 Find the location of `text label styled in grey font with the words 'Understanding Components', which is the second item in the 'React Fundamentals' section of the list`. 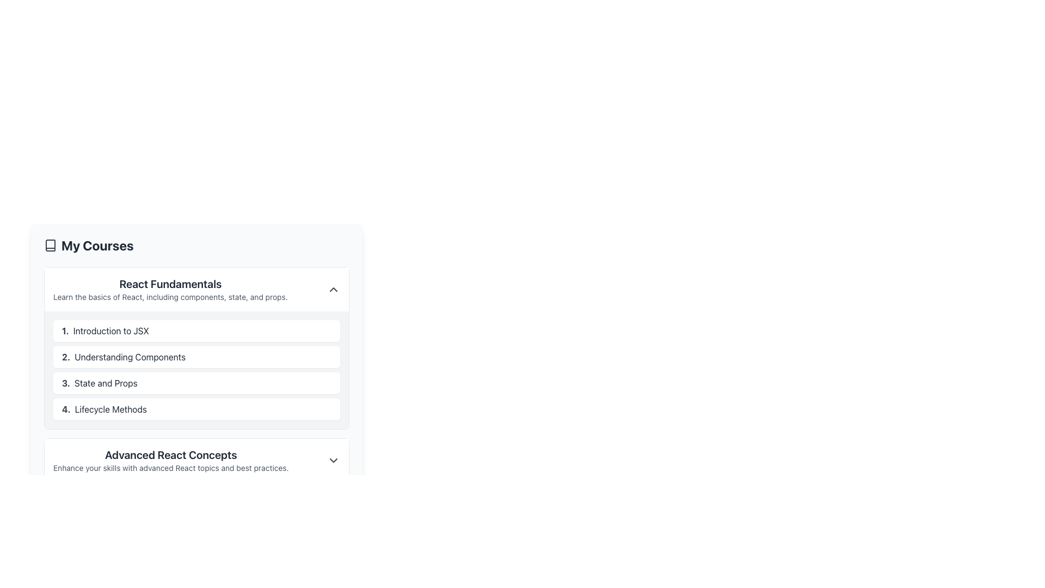

text label styled in grey font with the words 'Understanding Components', which is the second item in the 'React Fundamentals' section of the list is located at coordinates (130, 357).